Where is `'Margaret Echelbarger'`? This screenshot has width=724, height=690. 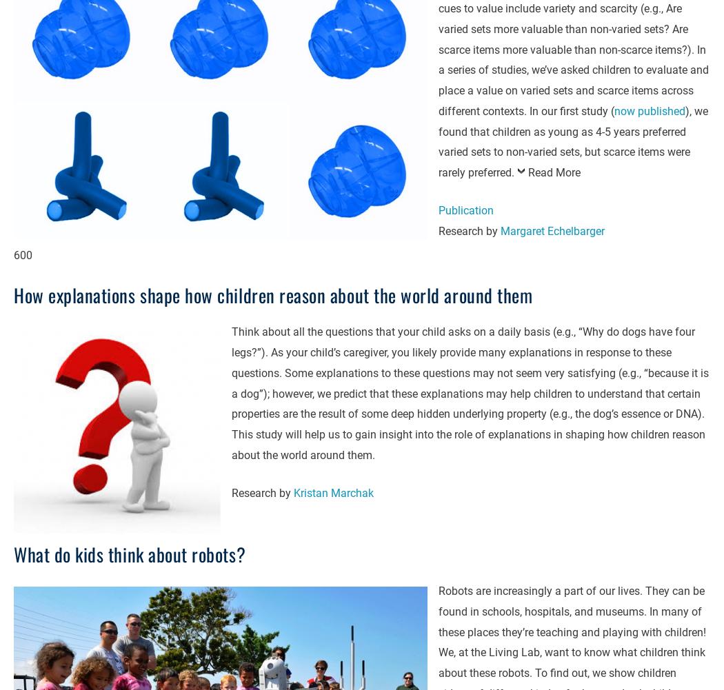
'Margaret Echelbarger' is located at coordinates (496, 230).